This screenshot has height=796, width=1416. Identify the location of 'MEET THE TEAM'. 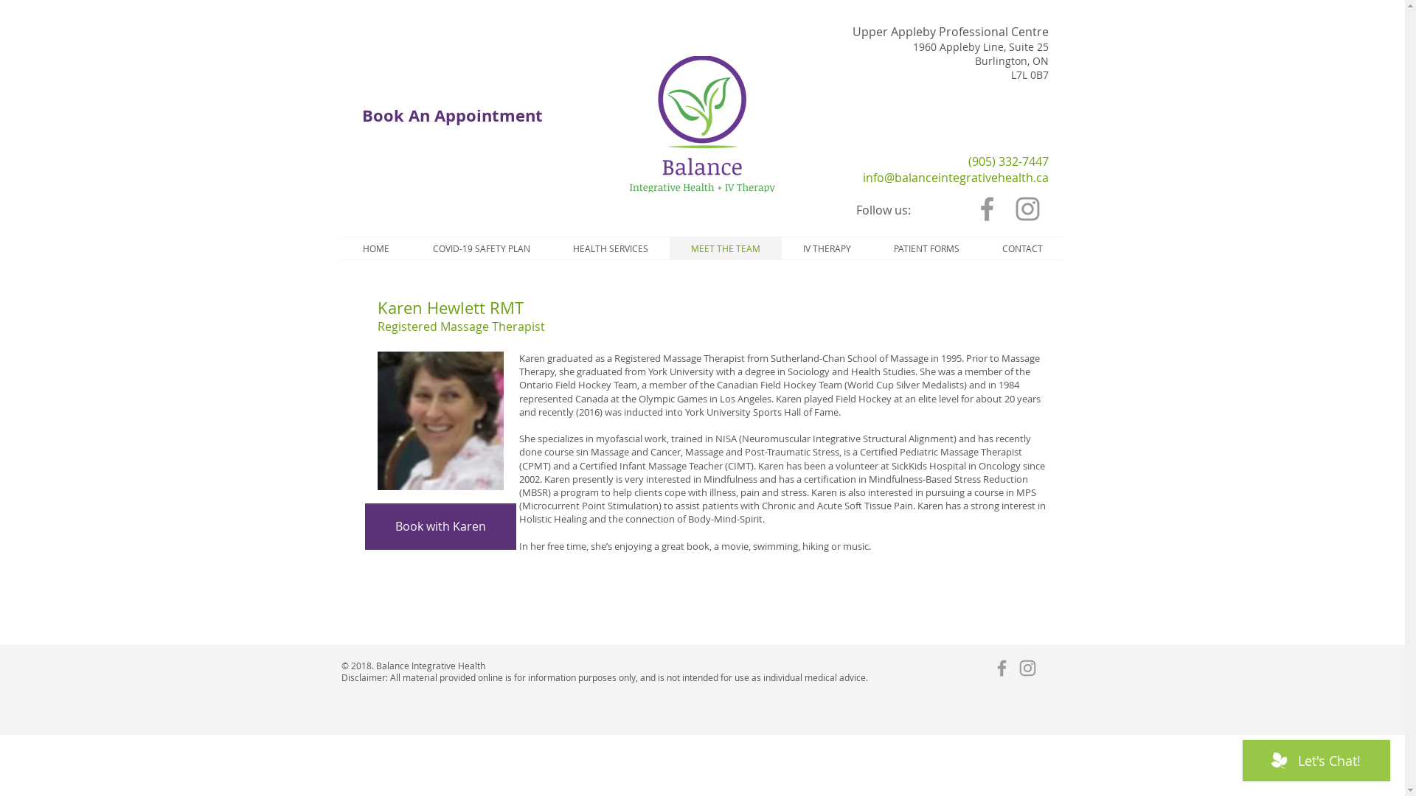
(668, 247).